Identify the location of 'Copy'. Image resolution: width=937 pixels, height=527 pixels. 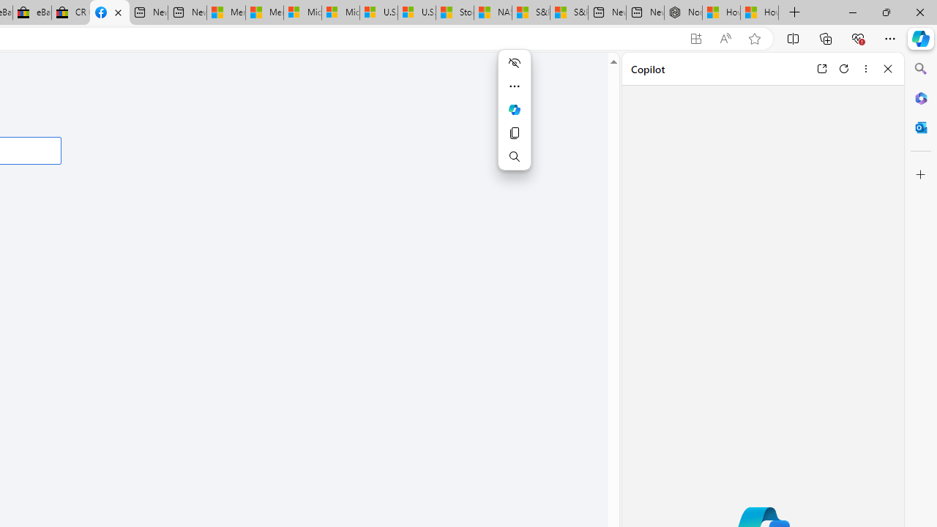
(514, 133).